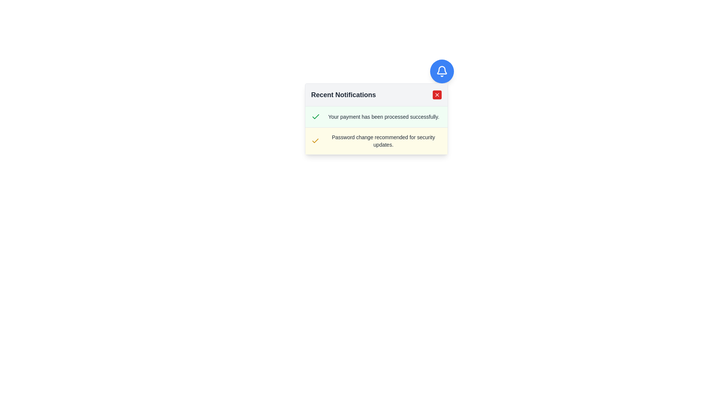  What do you see at coordinates (315, 117) in the screenshot?
I see `the green checkmark icon located within the notification card under the 'Recent Notifications' label, associated with the password security message` at bounding box center [315, 117].